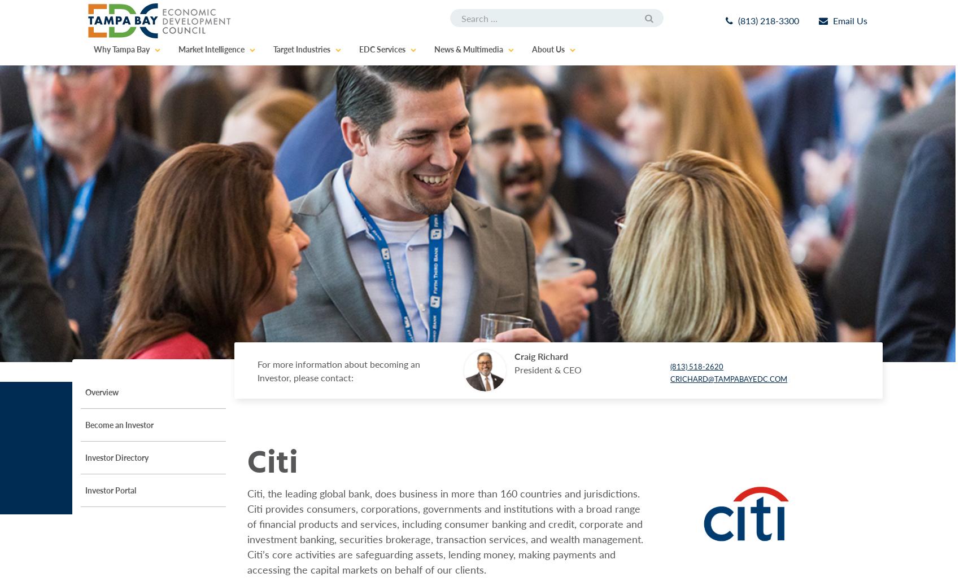  Describe the element at coordinates (85, 456) in the screenshot. I see `'Investor Directory'` at that location.